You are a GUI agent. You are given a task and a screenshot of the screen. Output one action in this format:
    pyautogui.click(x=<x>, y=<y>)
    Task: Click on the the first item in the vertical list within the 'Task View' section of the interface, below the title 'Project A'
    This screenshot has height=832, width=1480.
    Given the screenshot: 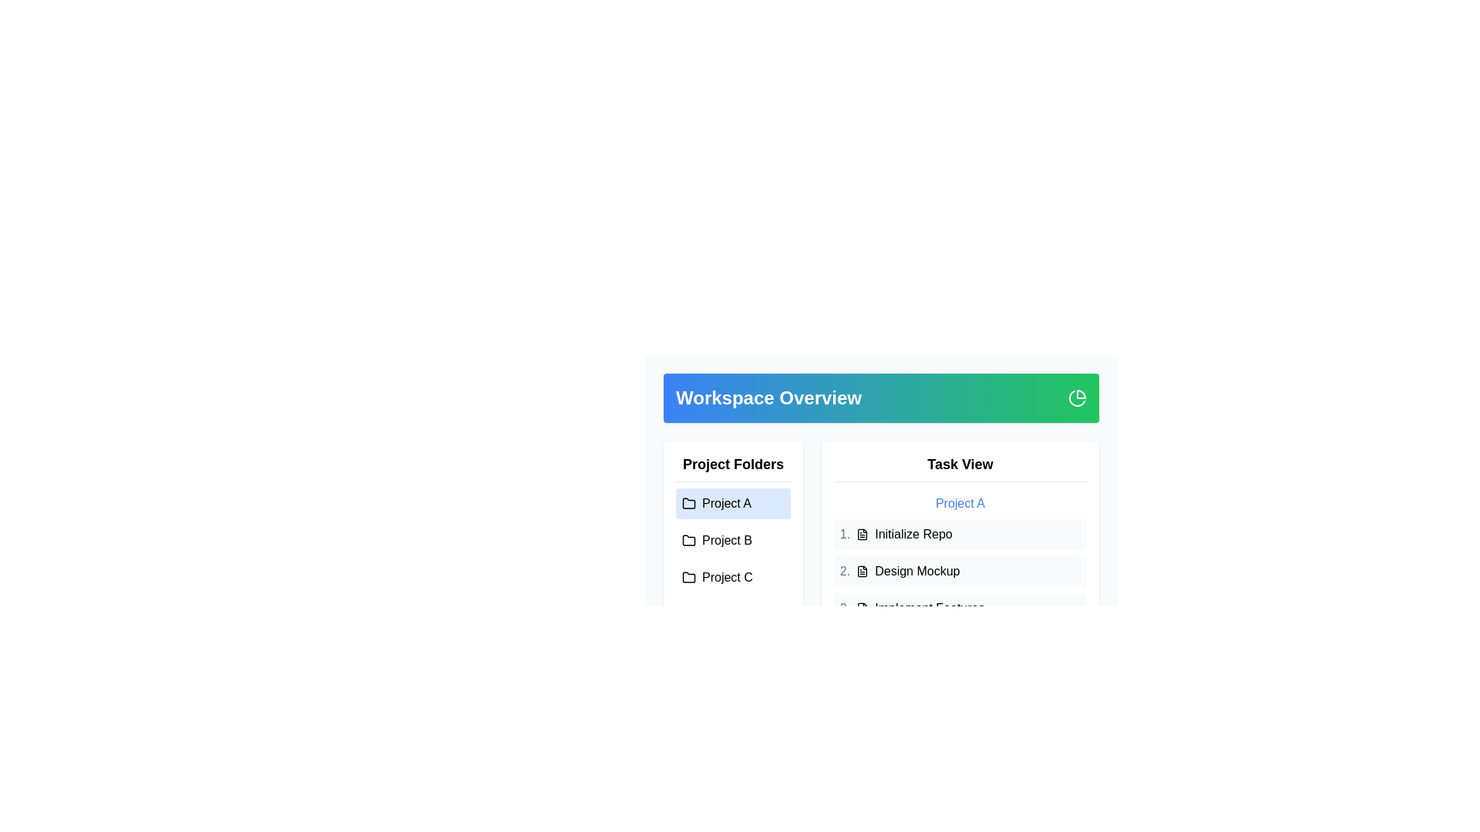 What is the action you would take?
    pyautogui.click(x=959, y=534)
    